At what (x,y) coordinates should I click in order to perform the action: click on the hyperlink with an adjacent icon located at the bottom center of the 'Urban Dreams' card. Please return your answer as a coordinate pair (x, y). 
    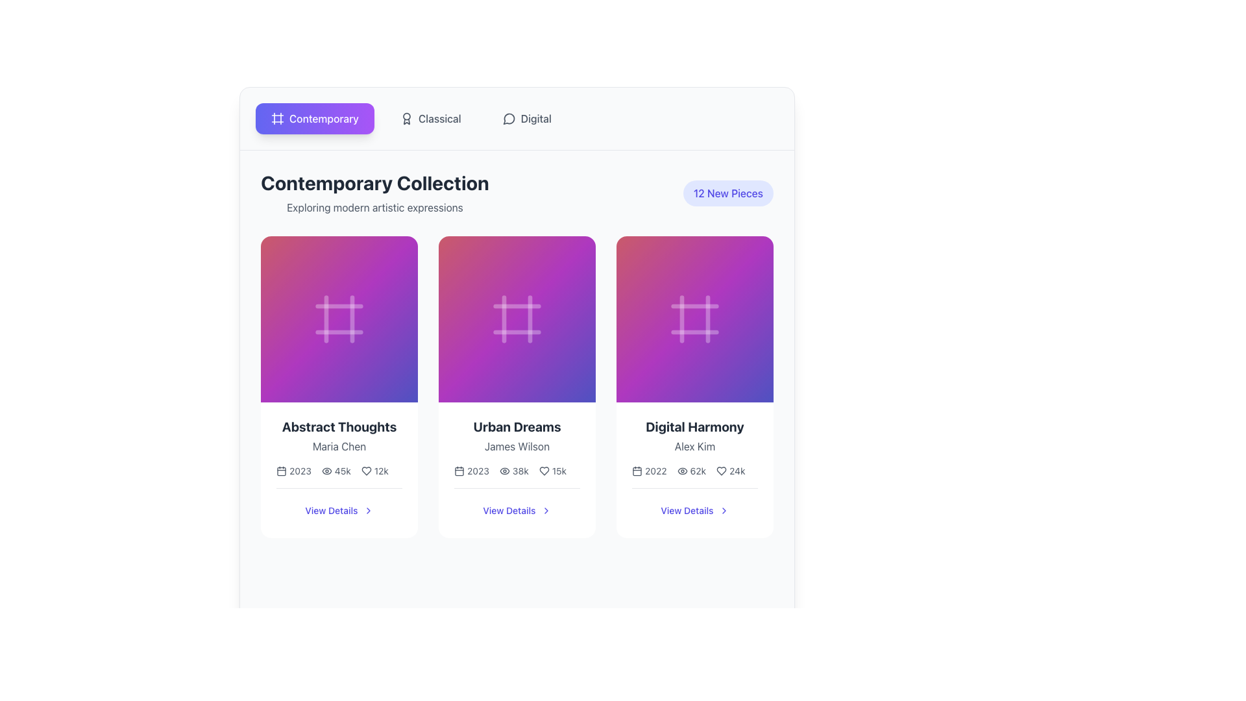
    Looking at the image, I should click on (516, 510).